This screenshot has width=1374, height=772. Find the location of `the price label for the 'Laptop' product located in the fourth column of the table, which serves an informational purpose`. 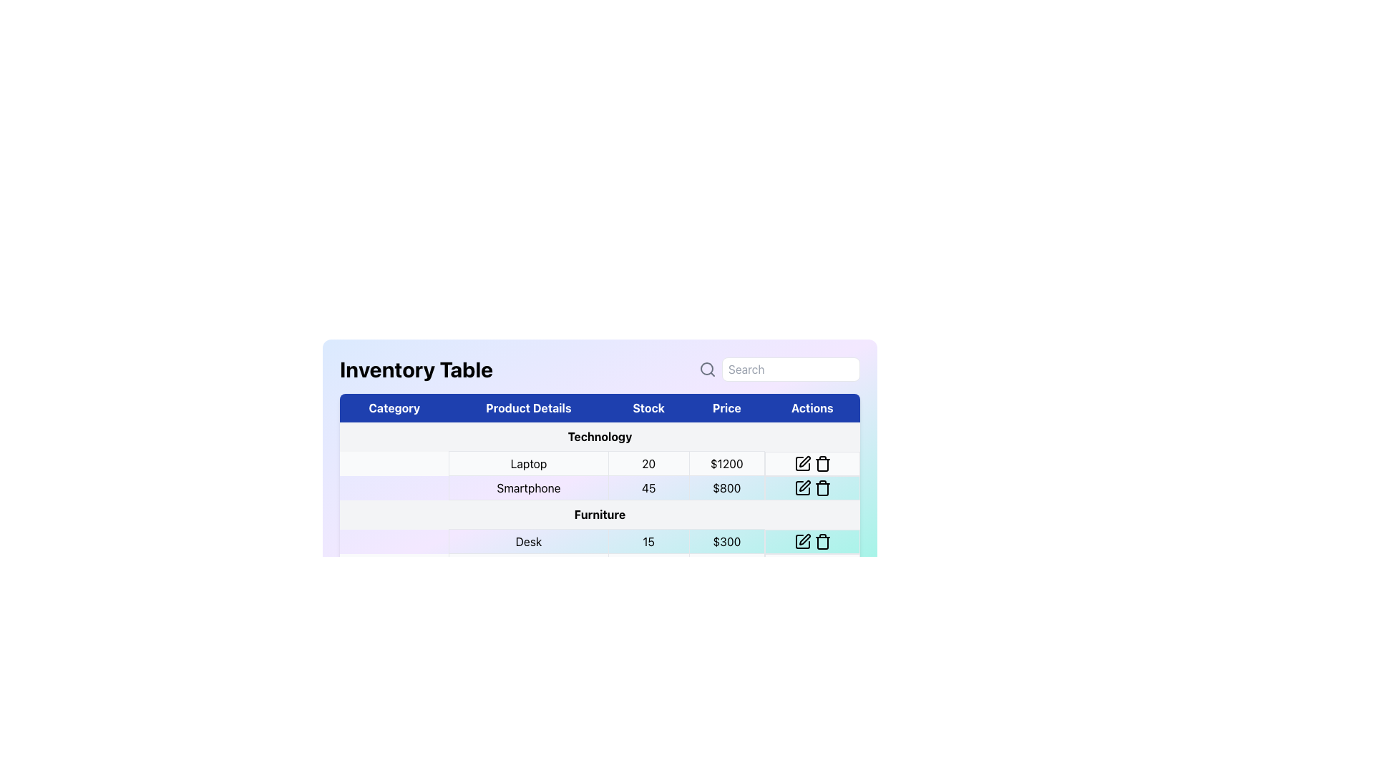

the price label for the 'Laptop' product located in the fourth column of the table, which serves an informational purpose is located at coordinates (726, 463).